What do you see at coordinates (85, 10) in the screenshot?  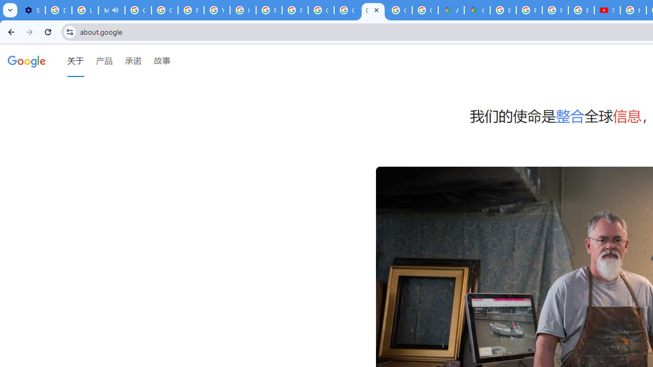 I see `'Learn how to find your photos - Google Photos Help'` at bounding box center [85, 10].